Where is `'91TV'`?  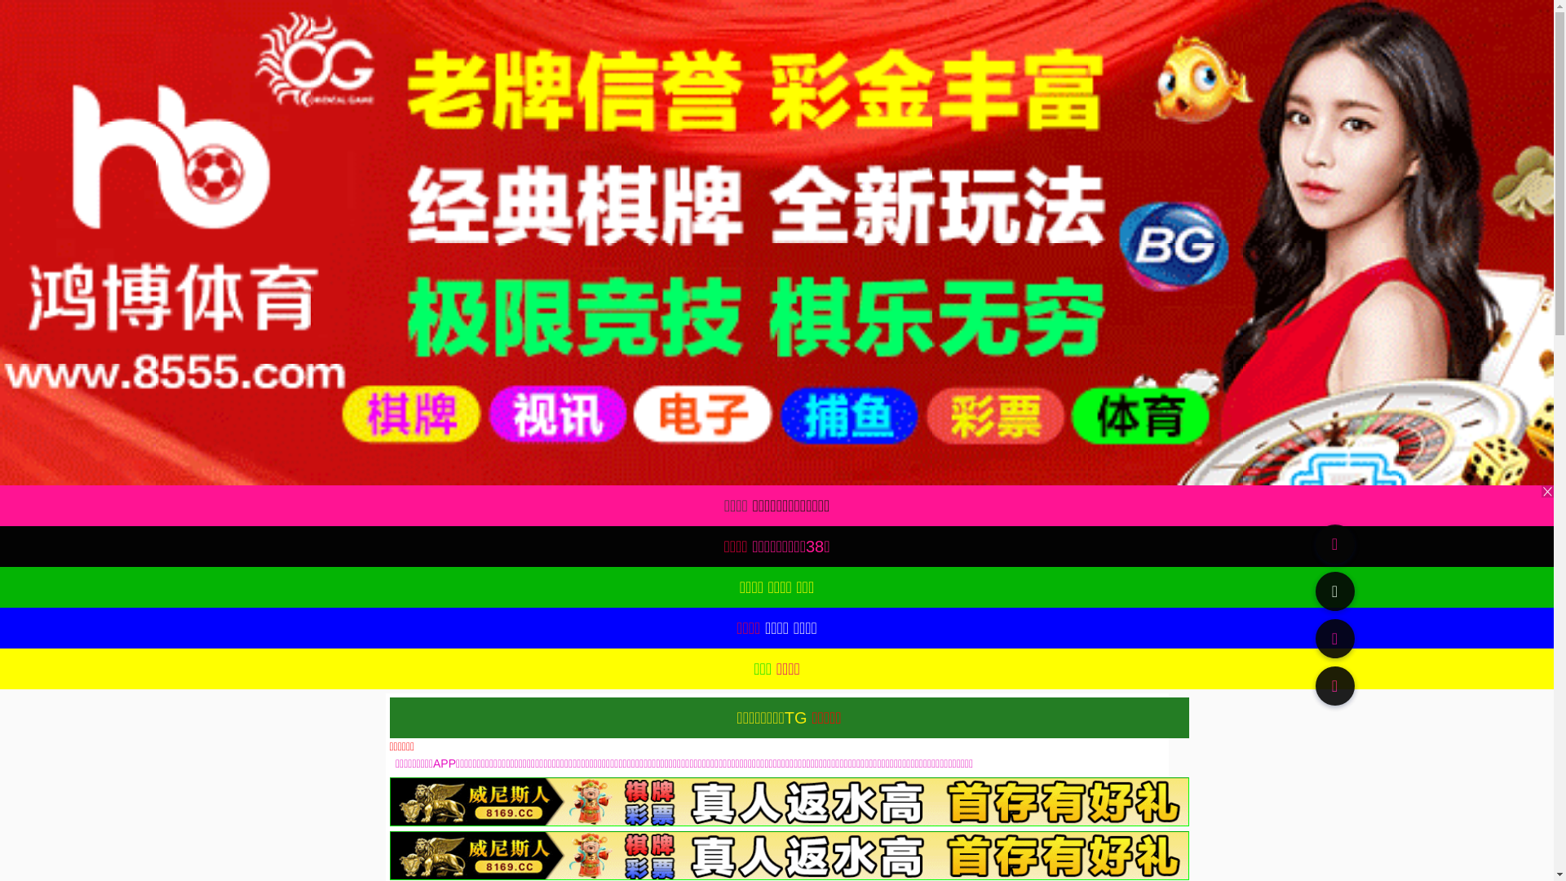
'91TV' is located at coordinates (1334, 638).